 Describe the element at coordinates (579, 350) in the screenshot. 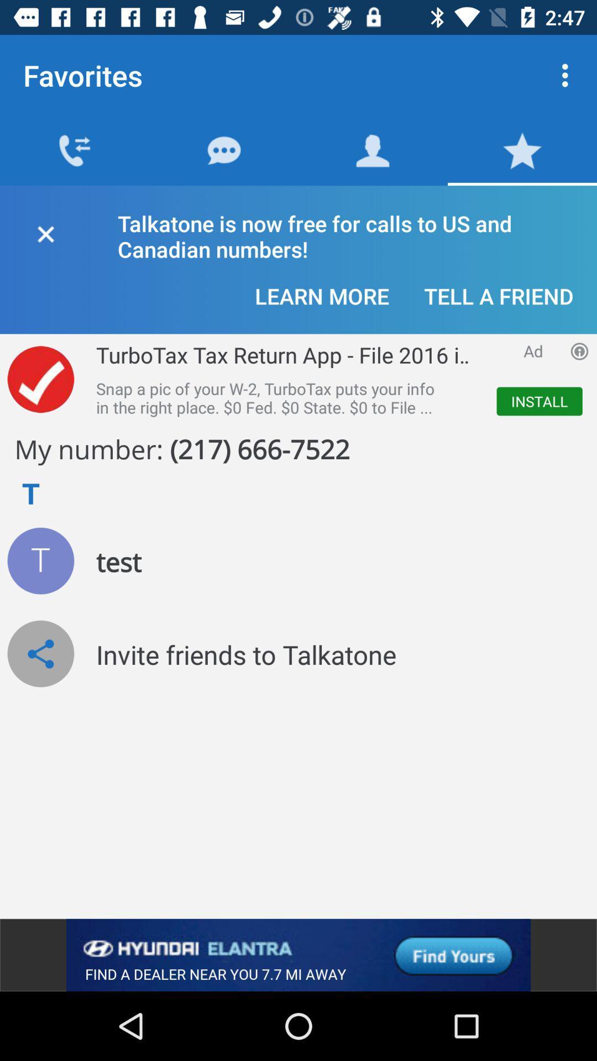

I see `advertisement` at that location.